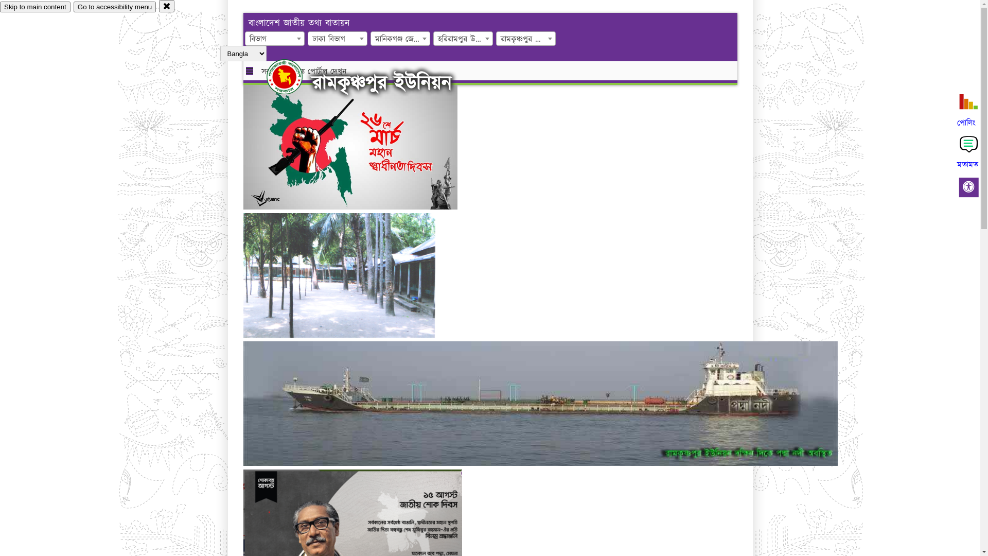  Describe the element at coordinates (167, 6) in the screenshot. I see `'close'` at that location.